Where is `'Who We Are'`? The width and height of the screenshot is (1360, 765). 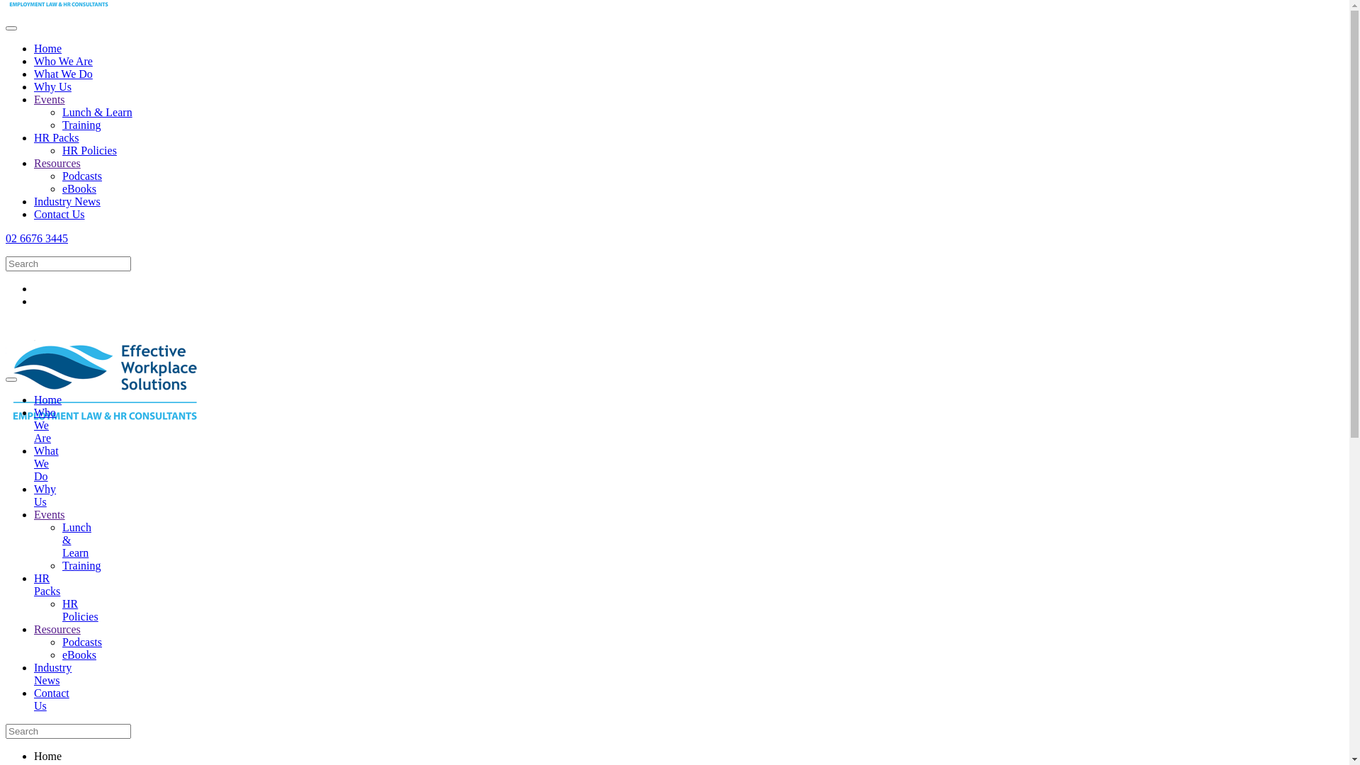
'Who We Are' is located at coordinates (45, 424).